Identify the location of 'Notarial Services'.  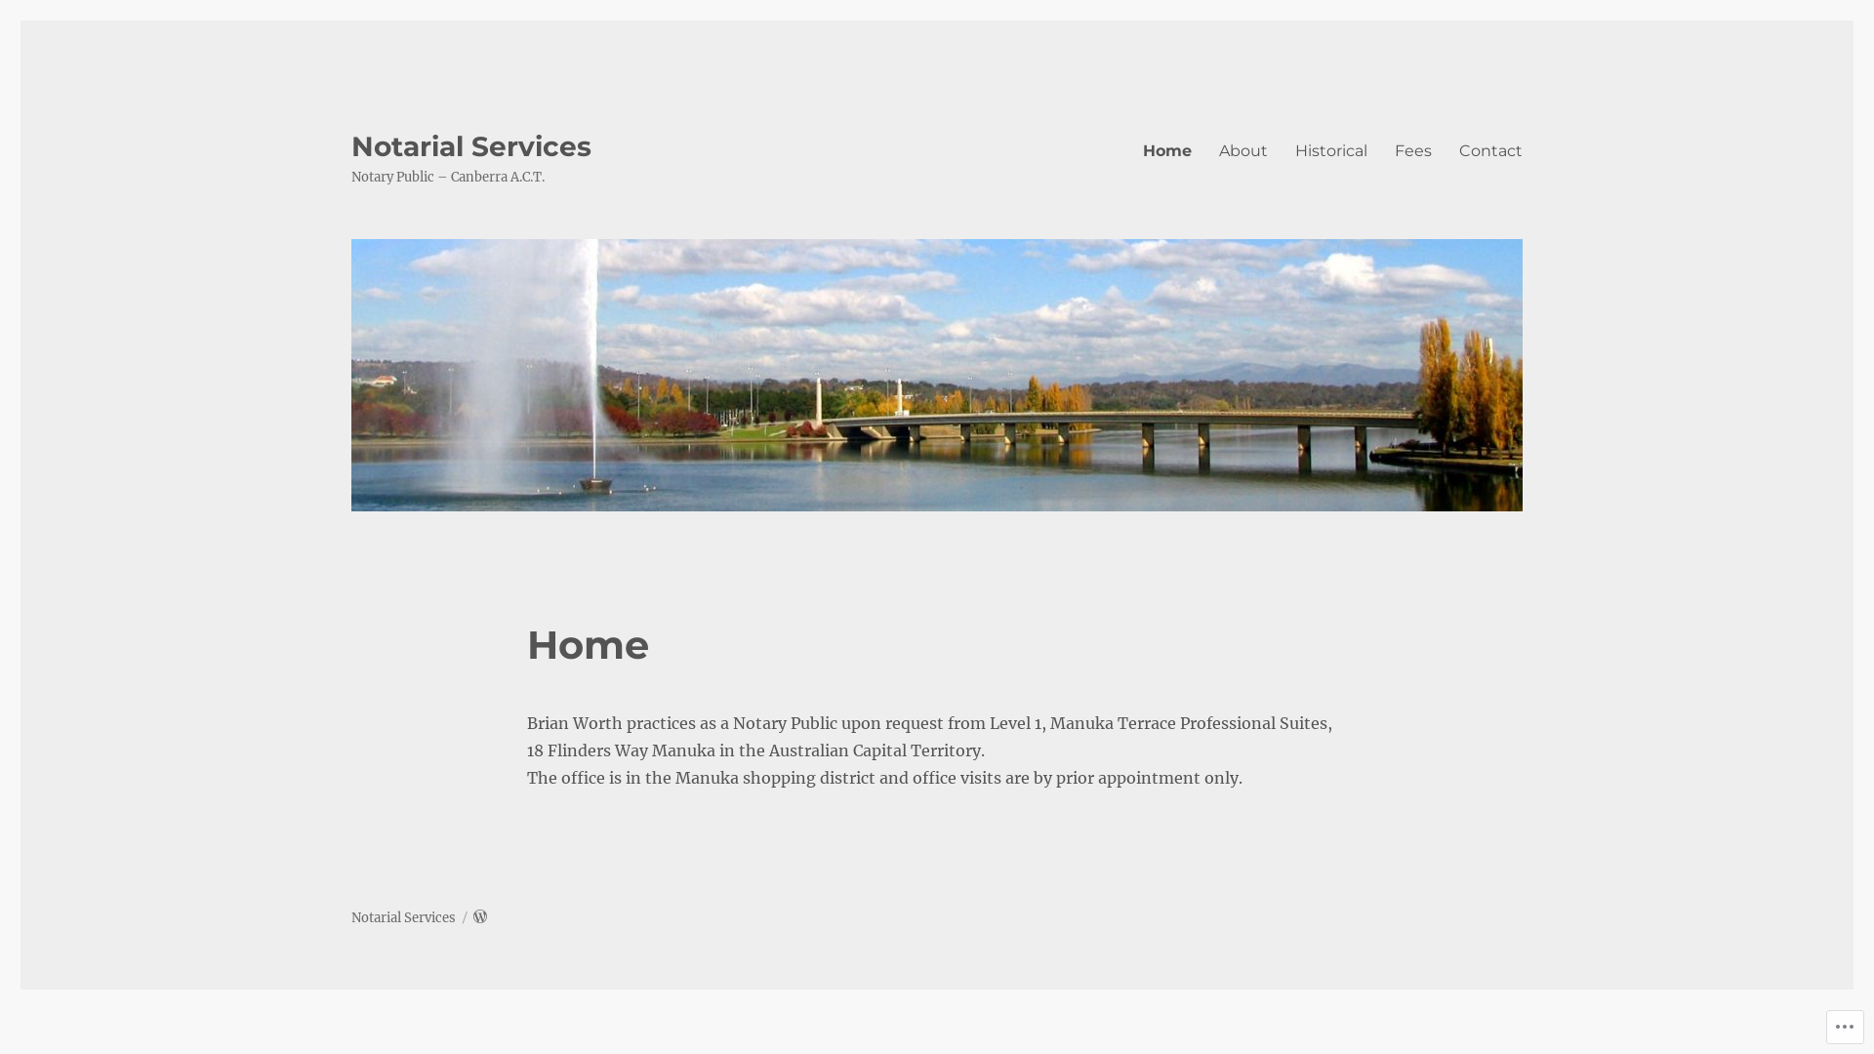
(402, 917).